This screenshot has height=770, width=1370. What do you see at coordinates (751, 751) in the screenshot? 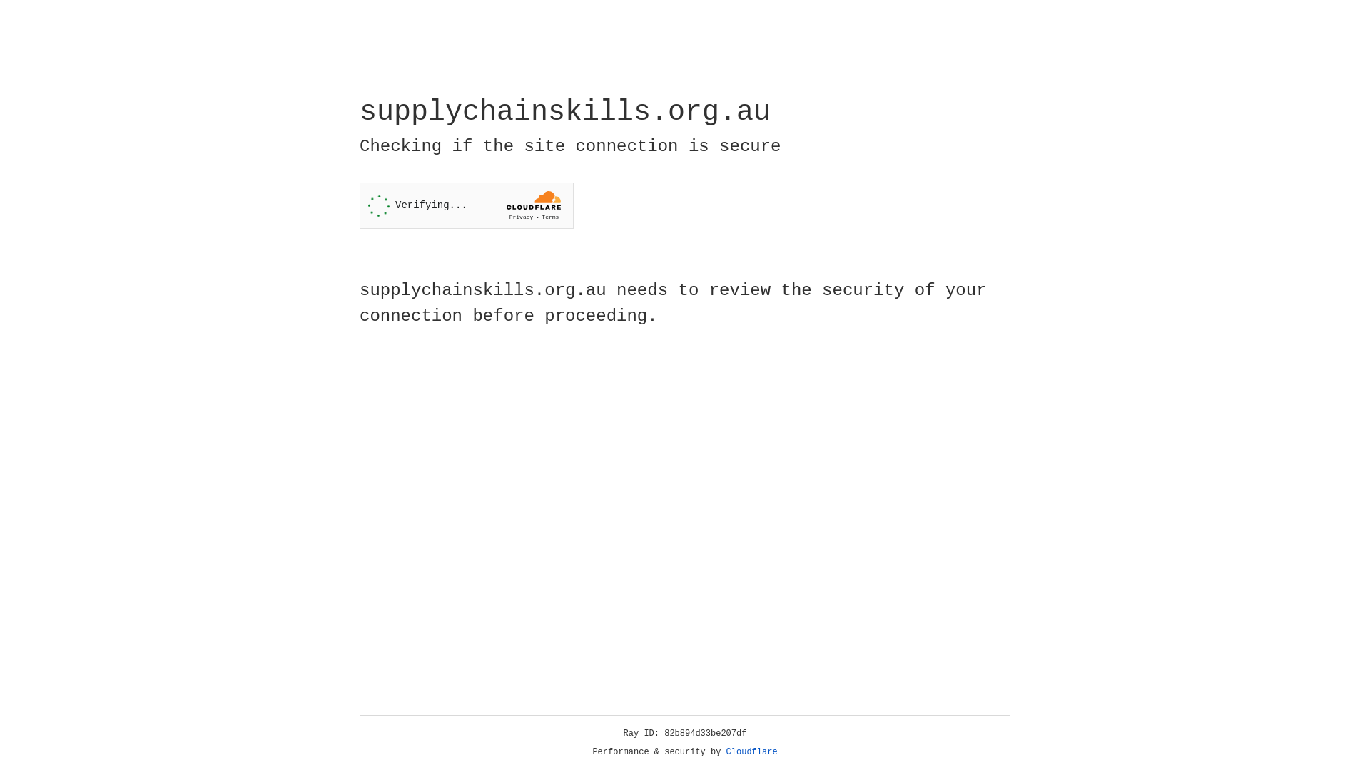
I see `'Cloudflare'` at bounding box center [751, 751].